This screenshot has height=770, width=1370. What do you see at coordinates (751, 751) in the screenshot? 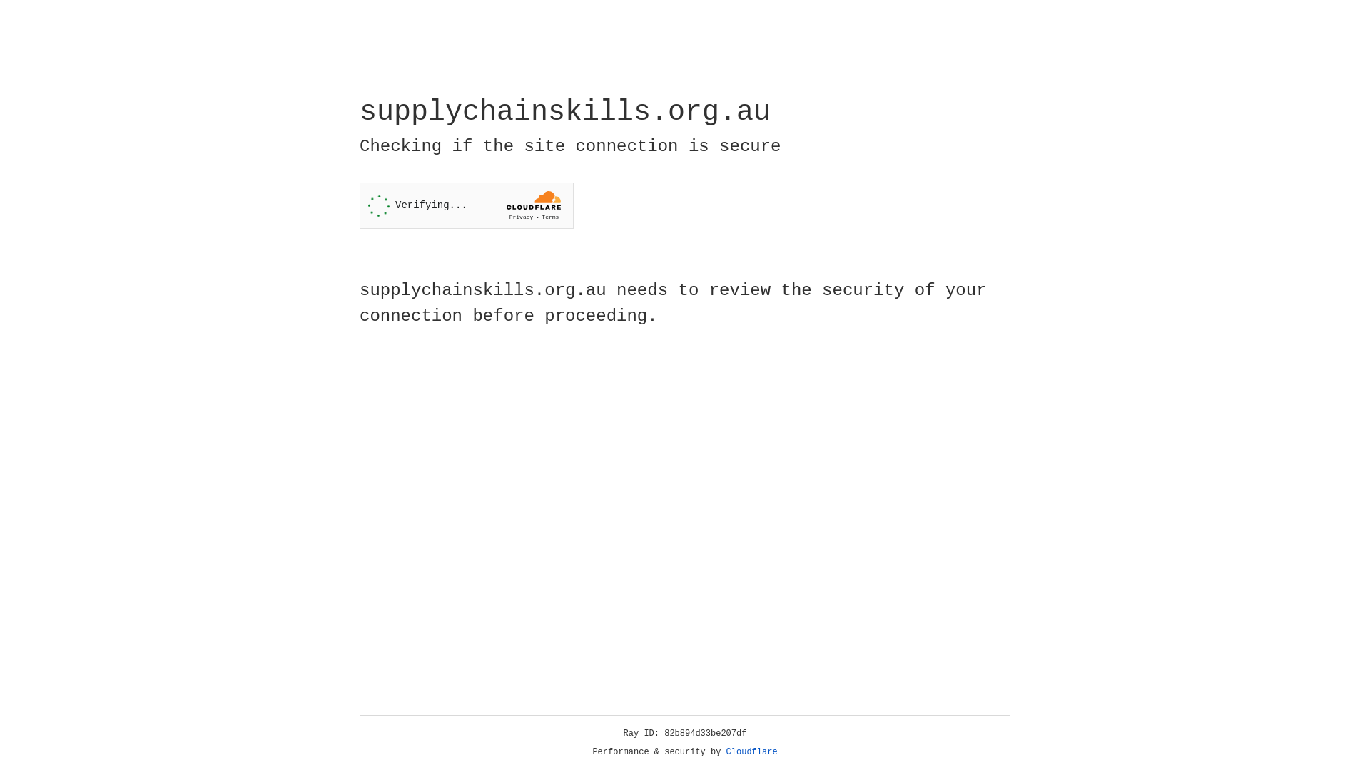
I see `'Cloudflare'` at bounding box center [751, 751].